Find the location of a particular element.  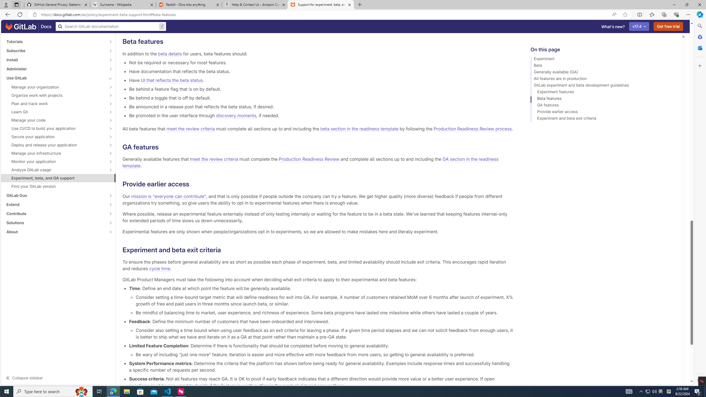

'Install' is located at coordinates (55, 59).